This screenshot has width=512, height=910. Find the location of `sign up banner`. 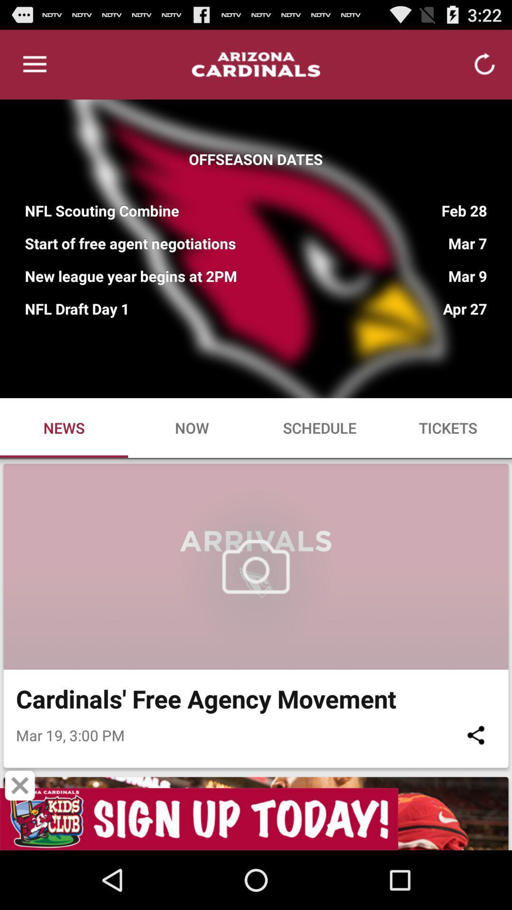

sign up banner is located at coordinates (256, 819).